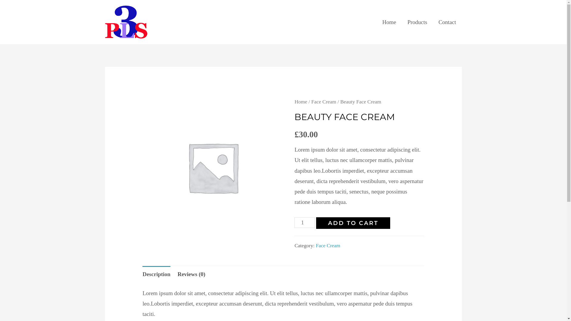 This screenshot has width=571, height=321. Describe the element at coordinates (447, 22) in the screenshot. I see `'Contact'` at that location.